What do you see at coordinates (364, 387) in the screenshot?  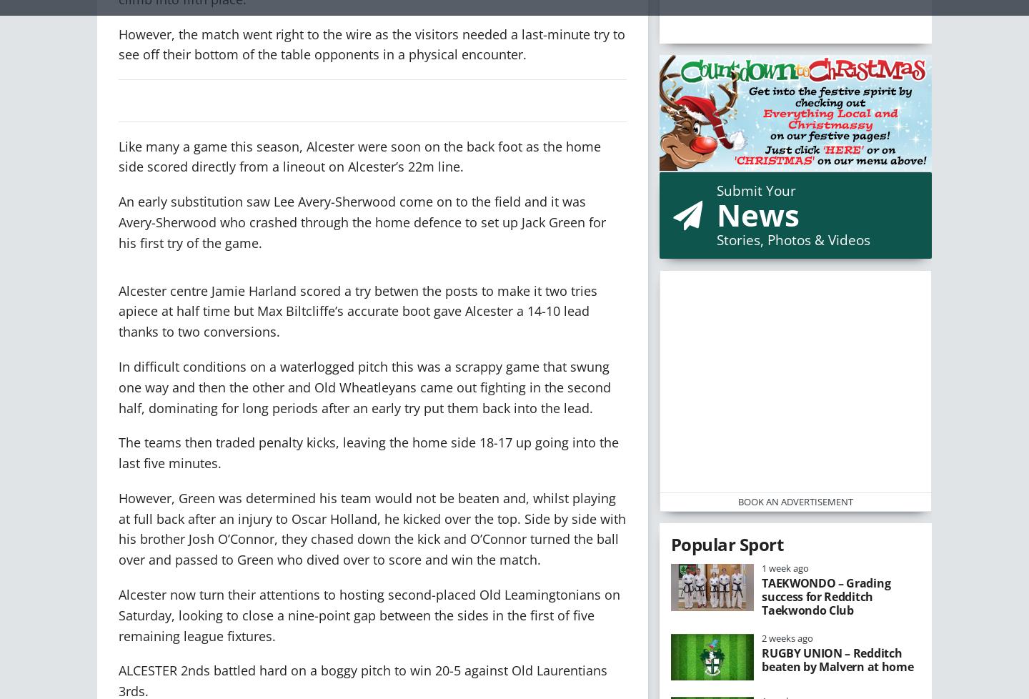 I see `'In difficult conditions on a waterlogged pitch this was a scrappy game that swung one way and then the other and Old Wheatleyans came out fighting in the second half, dominating for long periods after an early try put them back into the lead.'` at bounding box center [364, 387].